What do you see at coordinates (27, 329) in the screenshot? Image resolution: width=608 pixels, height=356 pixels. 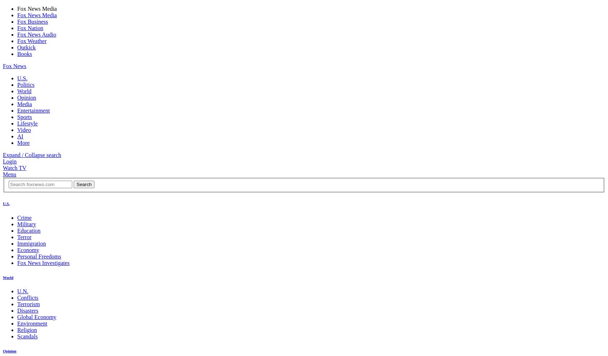 I see `'Religion'` at bounding box center [27, 329].